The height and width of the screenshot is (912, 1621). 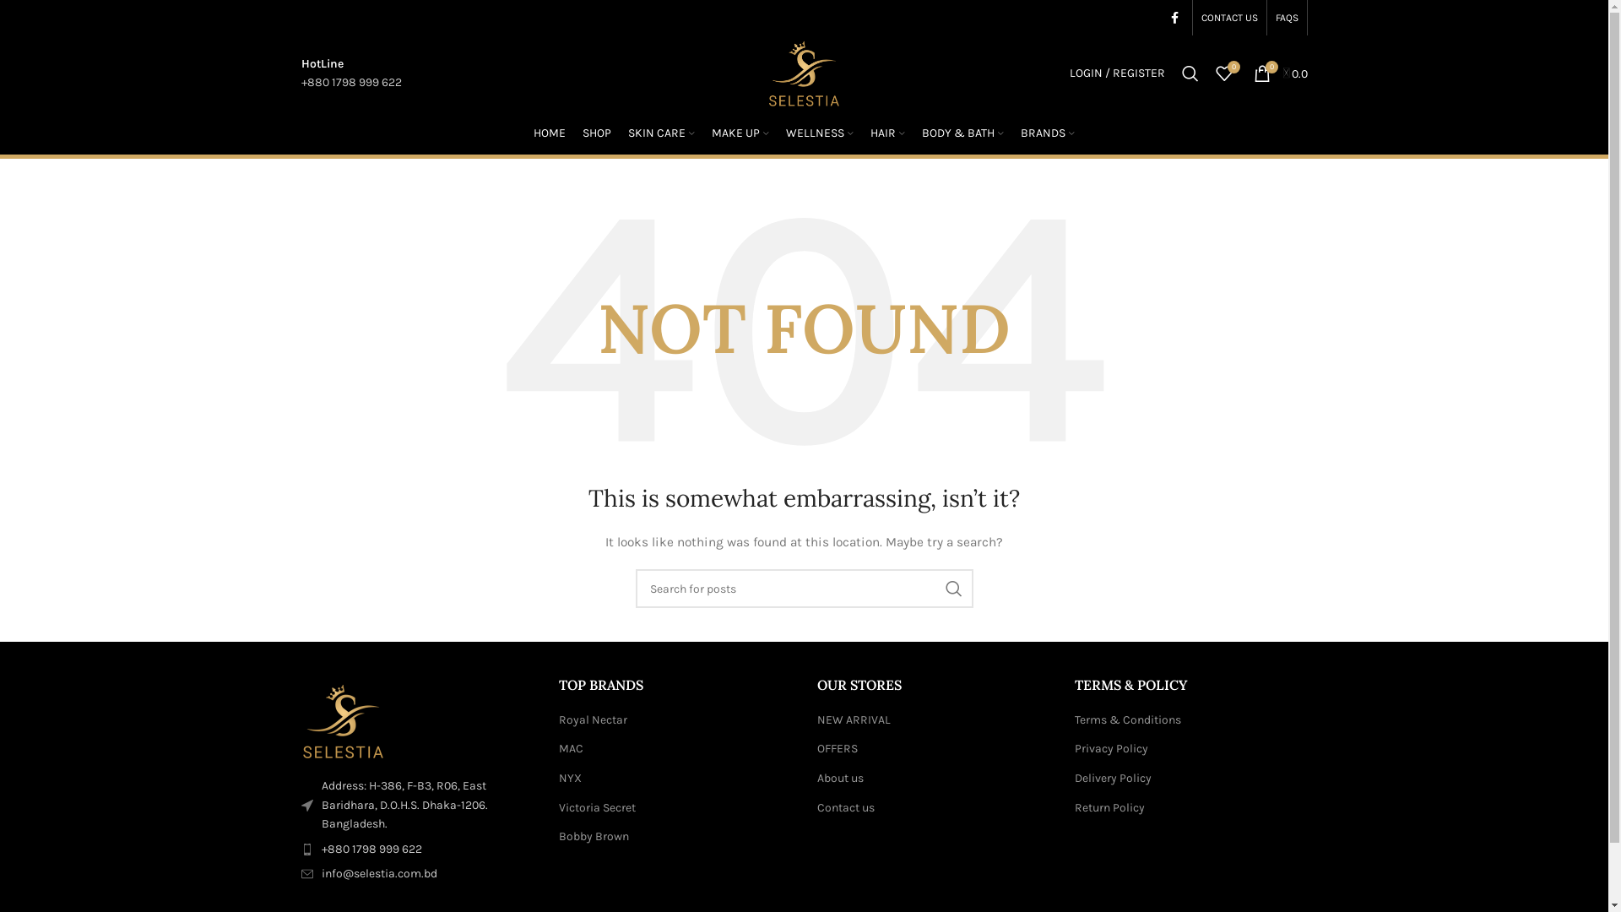 What do you see at coordinates (952, 588) in the screenshot?
I see `'SEARCH'` at bounding box center [952, 588].